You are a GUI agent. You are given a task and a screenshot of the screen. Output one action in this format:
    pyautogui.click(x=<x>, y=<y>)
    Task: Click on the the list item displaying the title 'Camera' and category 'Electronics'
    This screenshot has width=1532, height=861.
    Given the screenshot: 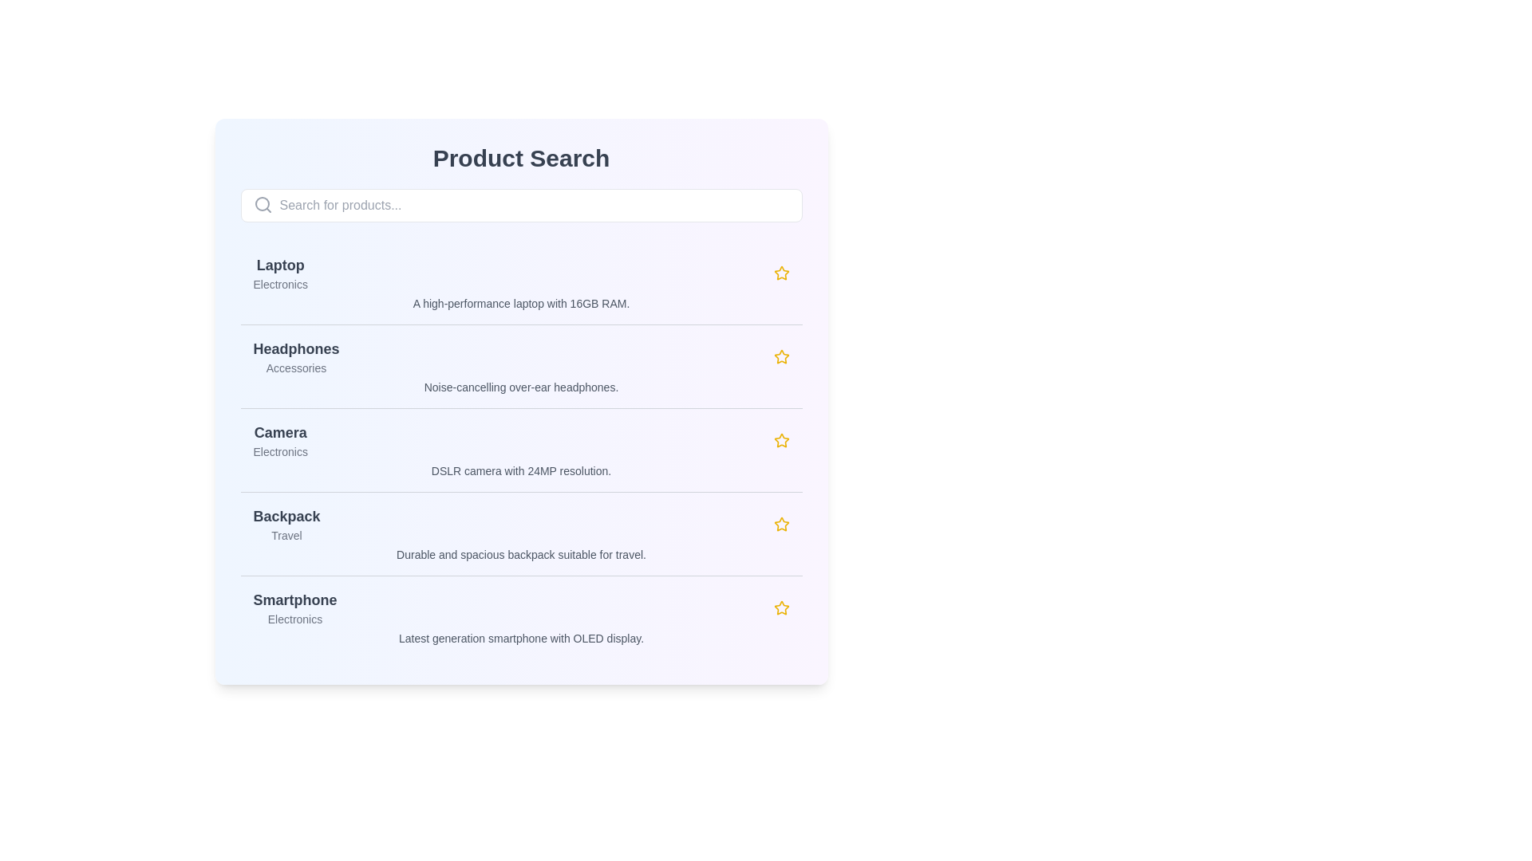 What is the action you would take?
    pyautogui.click(x=521, y=440)
    